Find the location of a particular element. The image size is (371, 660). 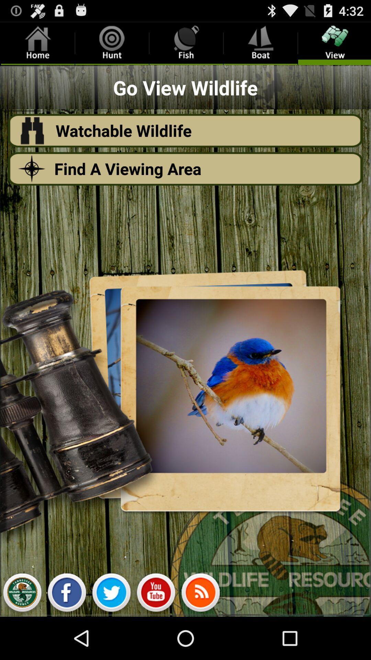

youtube logo is located at coordinates (156, 594).